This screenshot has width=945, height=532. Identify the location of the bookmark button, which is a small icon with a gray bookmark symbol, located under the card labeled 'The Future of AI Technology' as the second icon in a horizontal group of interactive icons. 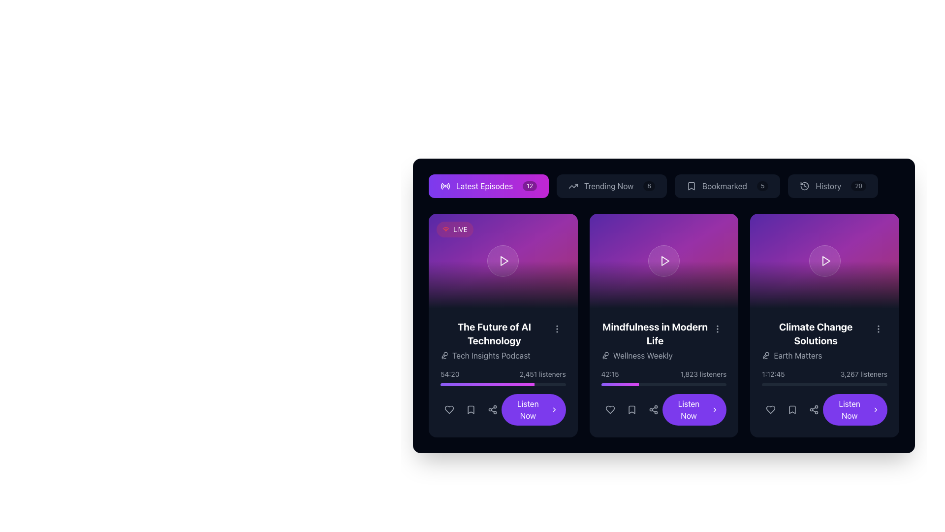
(470, 410).